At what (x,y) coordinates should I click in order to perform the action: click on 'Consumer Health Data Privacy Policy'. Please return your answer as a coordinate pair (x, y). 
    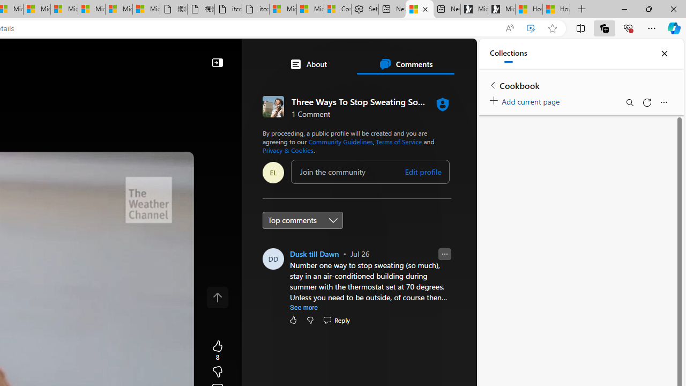
    Looking at the image, I should click on (337, 9).